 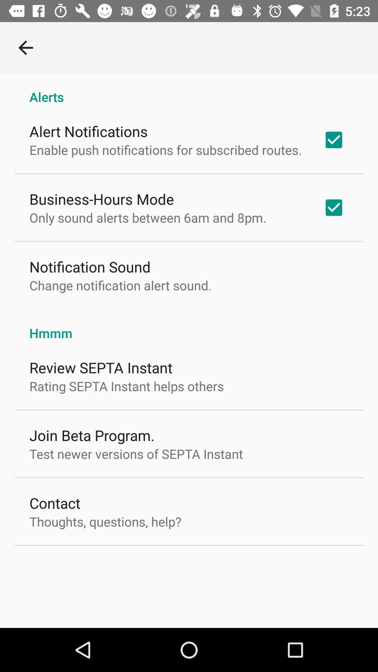 I want to click on the item below the join beta program. item, so click(x=136, y=454).